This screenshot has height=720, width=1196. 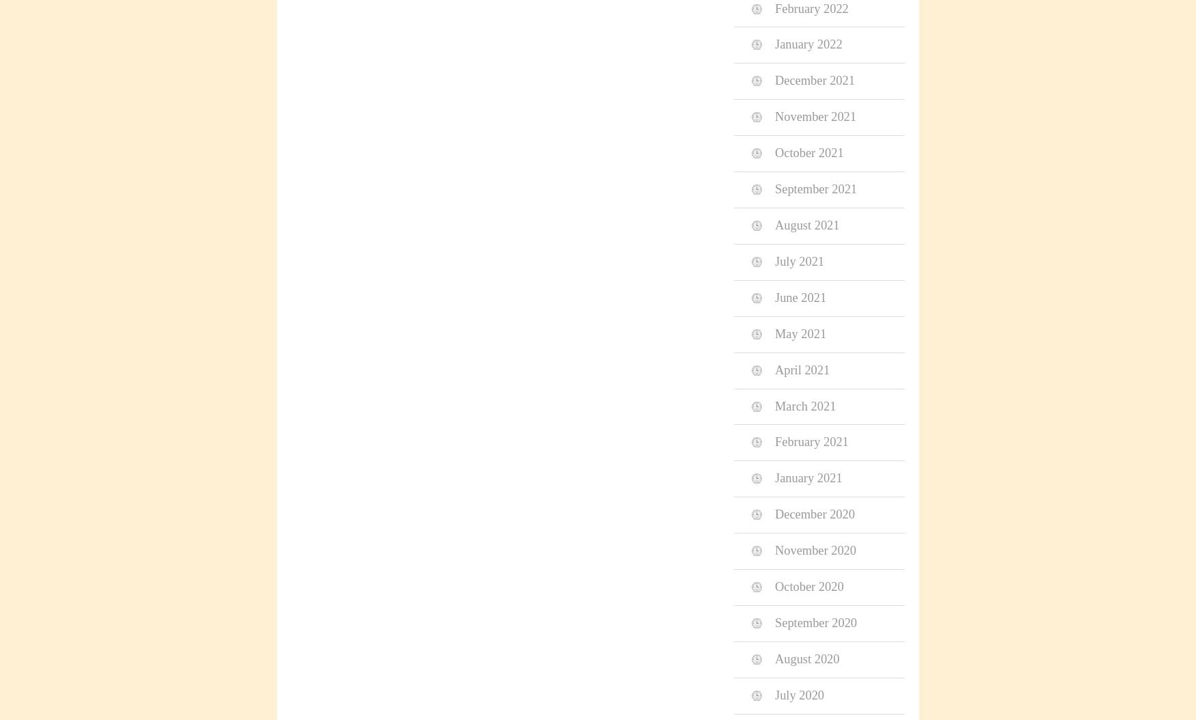 What do you see at coordinates (804, 405) in the screenshot?
I see `'March 2021'` at bounding box center [804, 405].